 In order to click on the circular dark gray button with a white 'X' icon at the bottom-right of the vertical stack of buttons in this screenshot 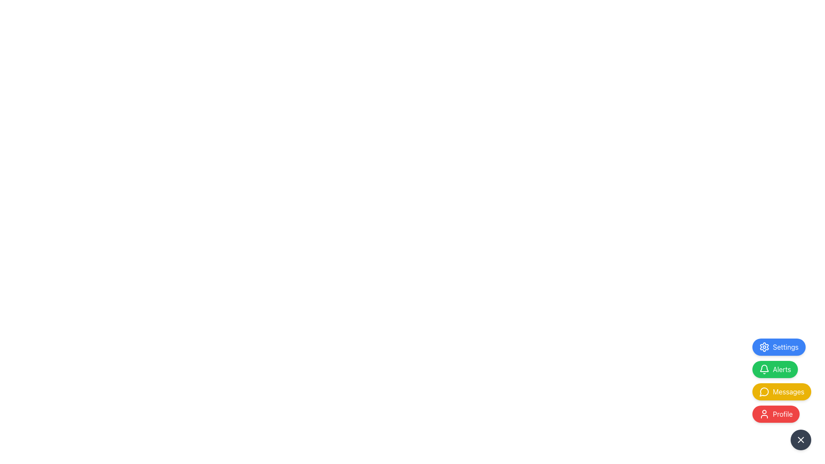, I will do `click(800, 440)`.